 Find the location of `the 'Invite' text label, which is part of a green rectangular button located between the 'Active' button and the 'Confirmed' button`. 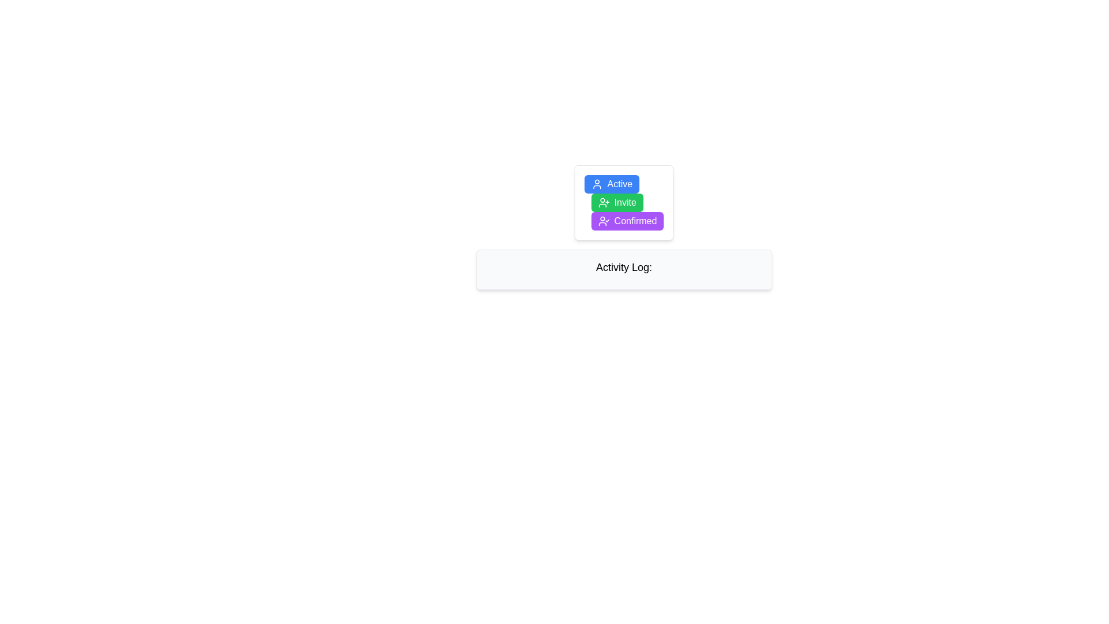

the 'Invite' text label, which is part of a green rectangular button located between the 'Active' button and the 'Confirmed' button is located at coordinates (624, 202).